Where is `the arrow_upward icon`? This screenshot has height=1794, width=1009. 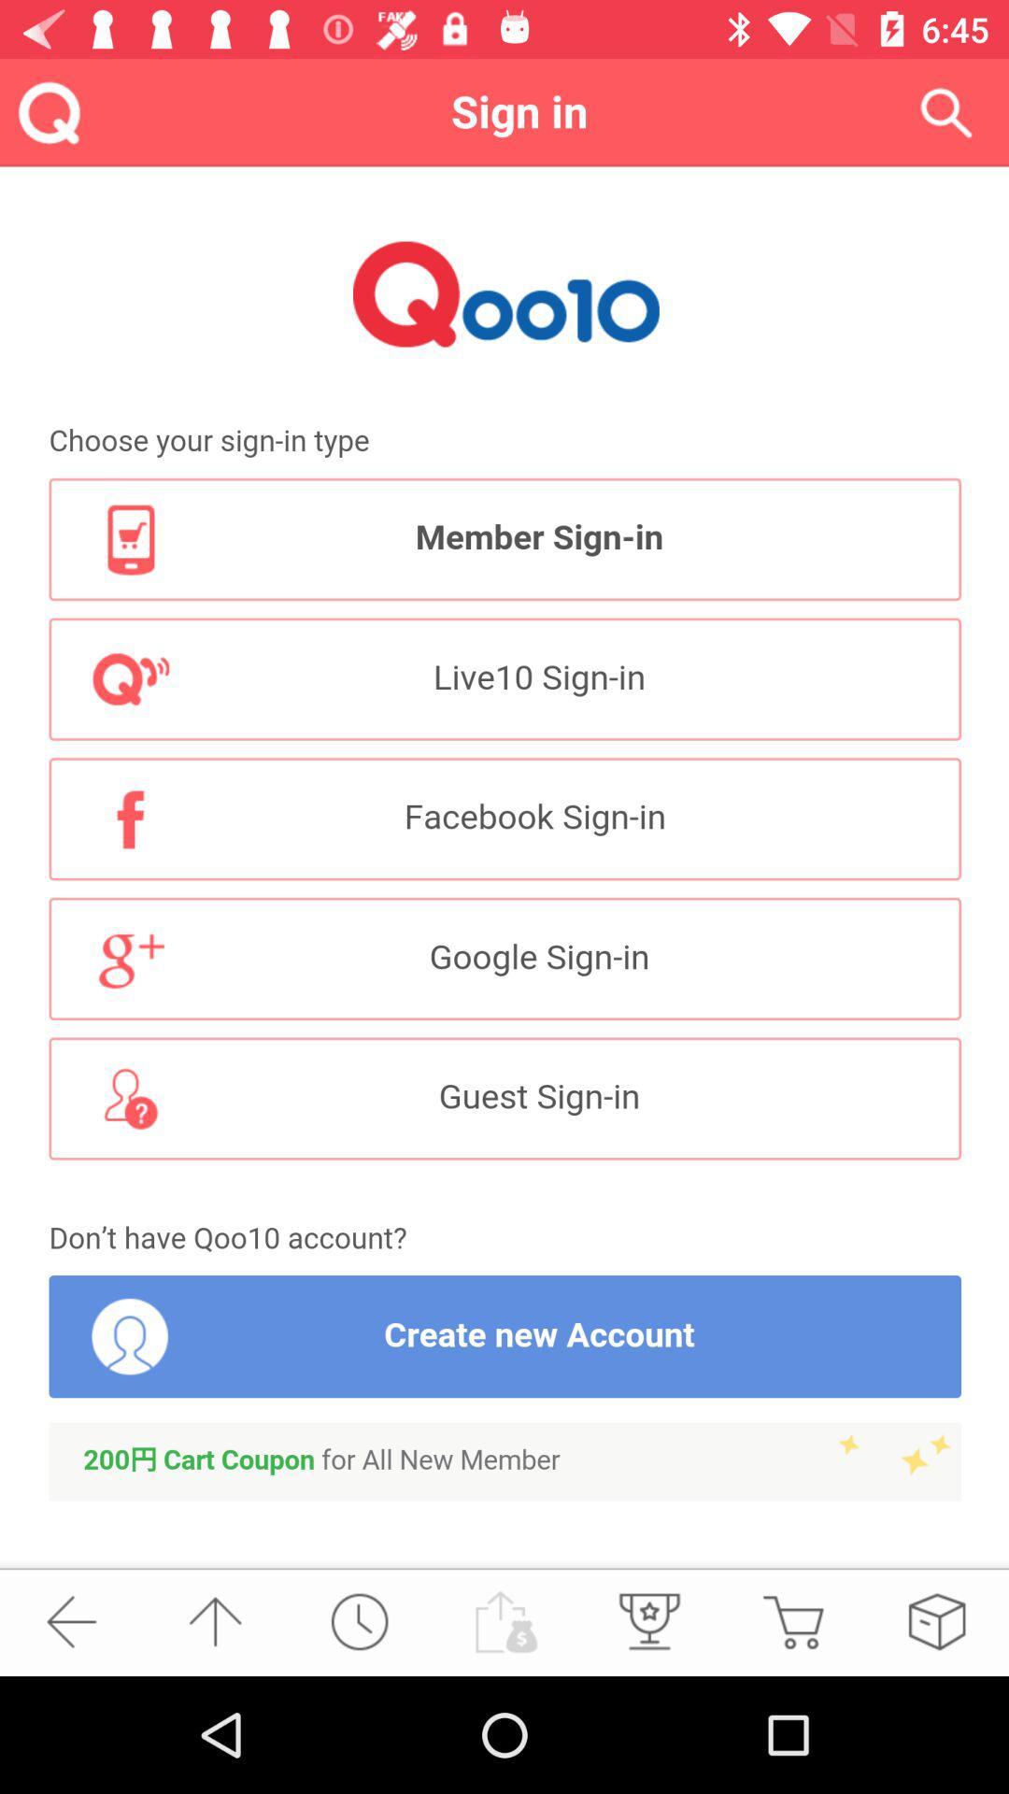 the arrow_upward icon is located at coordinates (214, 1620).